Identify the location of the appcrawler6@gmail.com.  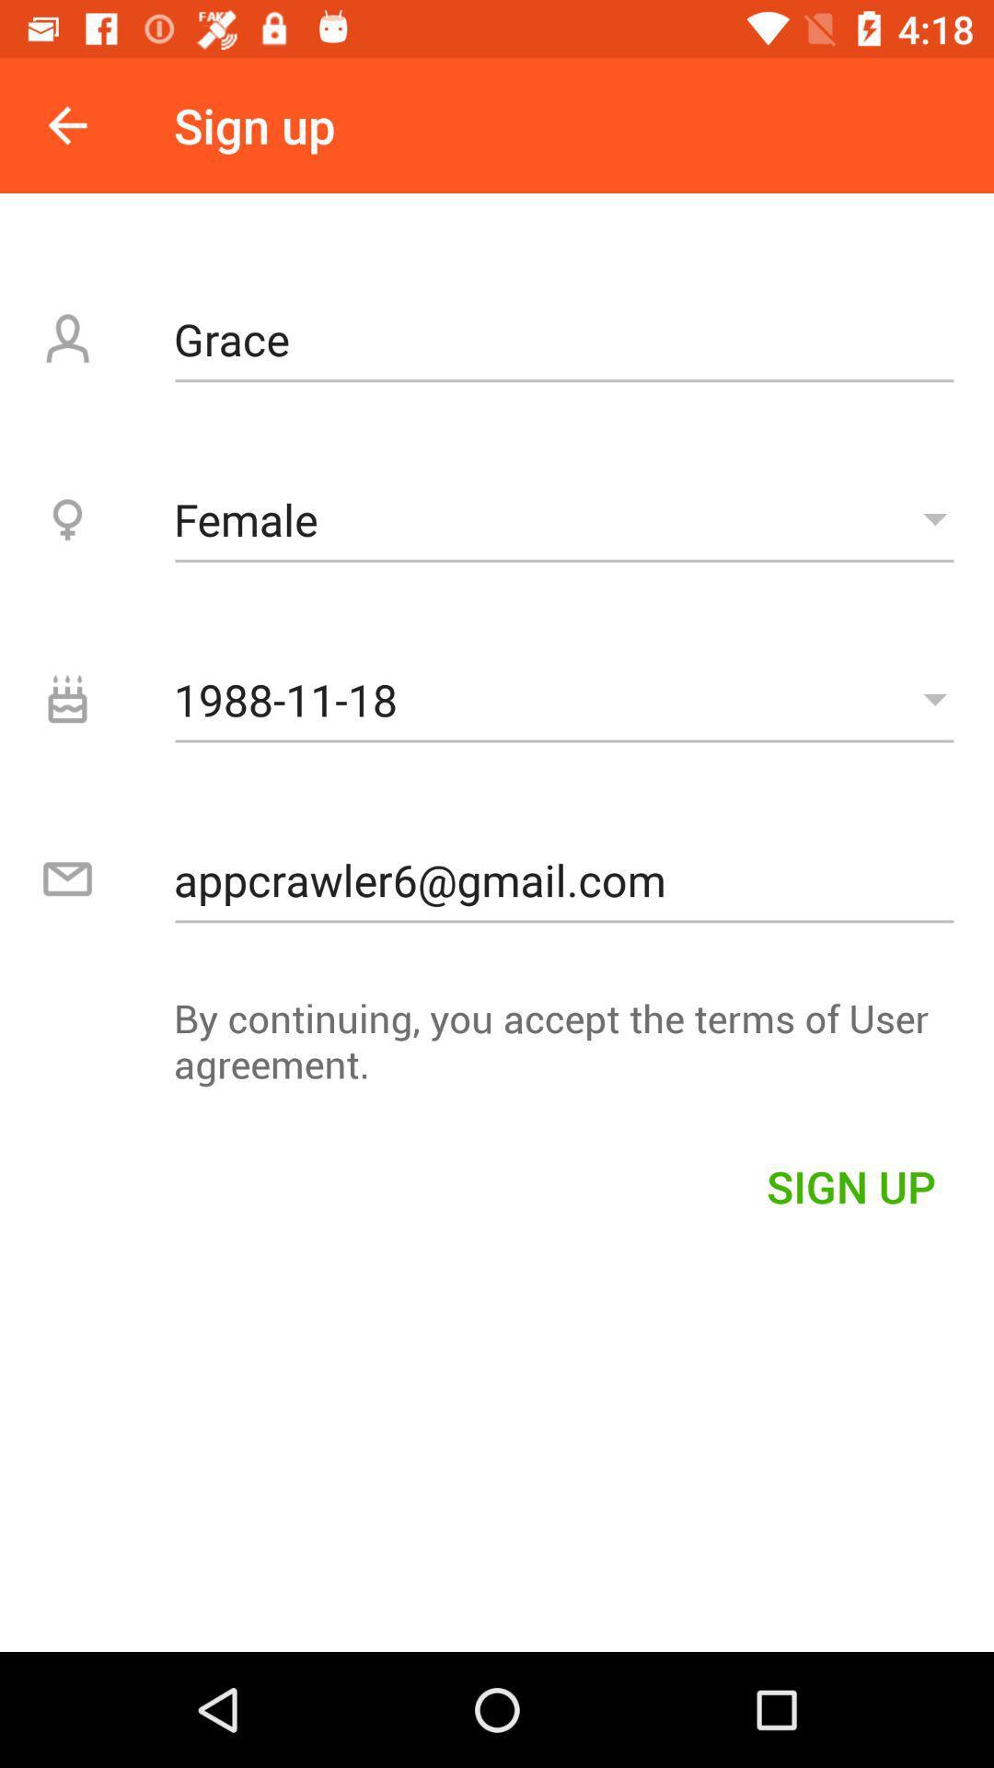
(563, 878).